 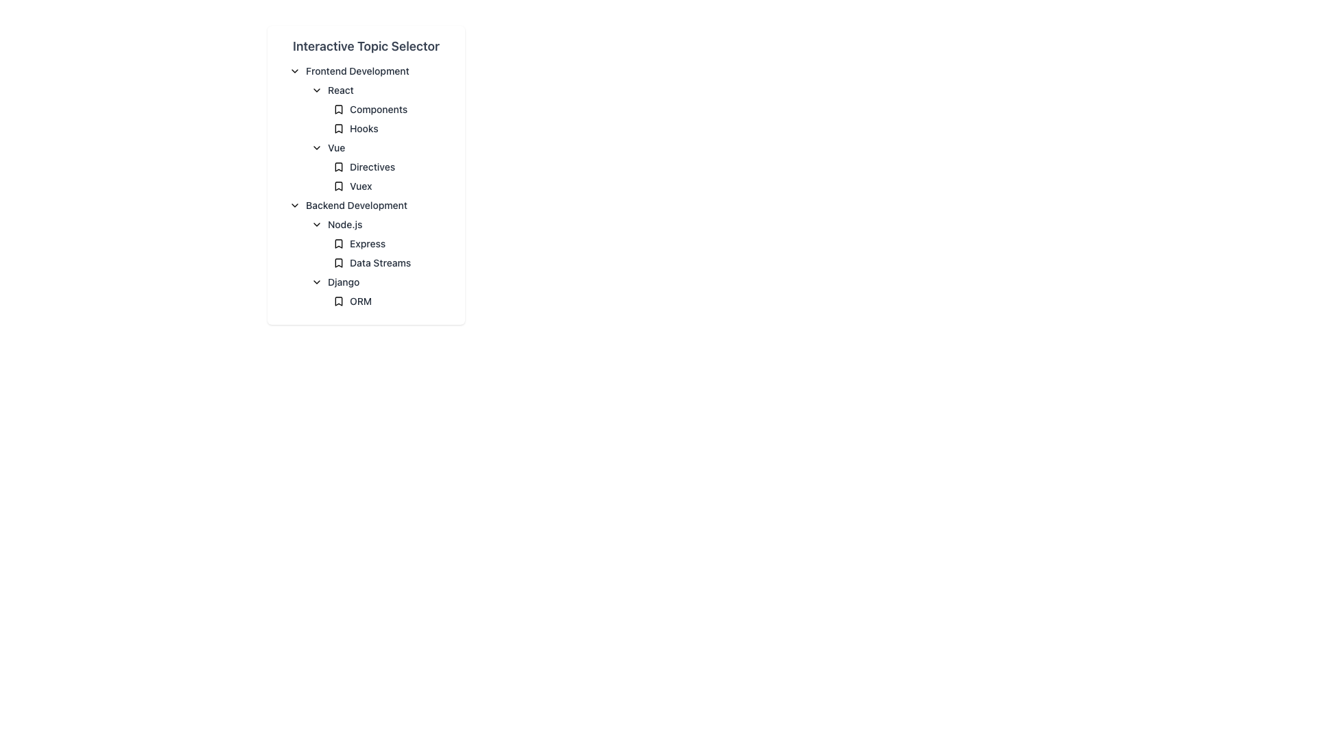 What do you see at coordinates (339, 243) in the screenshot?
I see `the SVG bookmark icon located to the left of the text "Express" in the "Backend Development" section under the "Node.js" subsection` at bounding box center [339, 243].